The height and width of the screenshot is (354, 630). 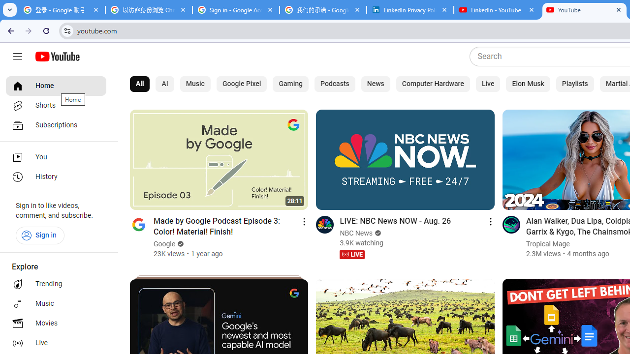 I want to click on 'Sign in', so click(x=39, y=235).